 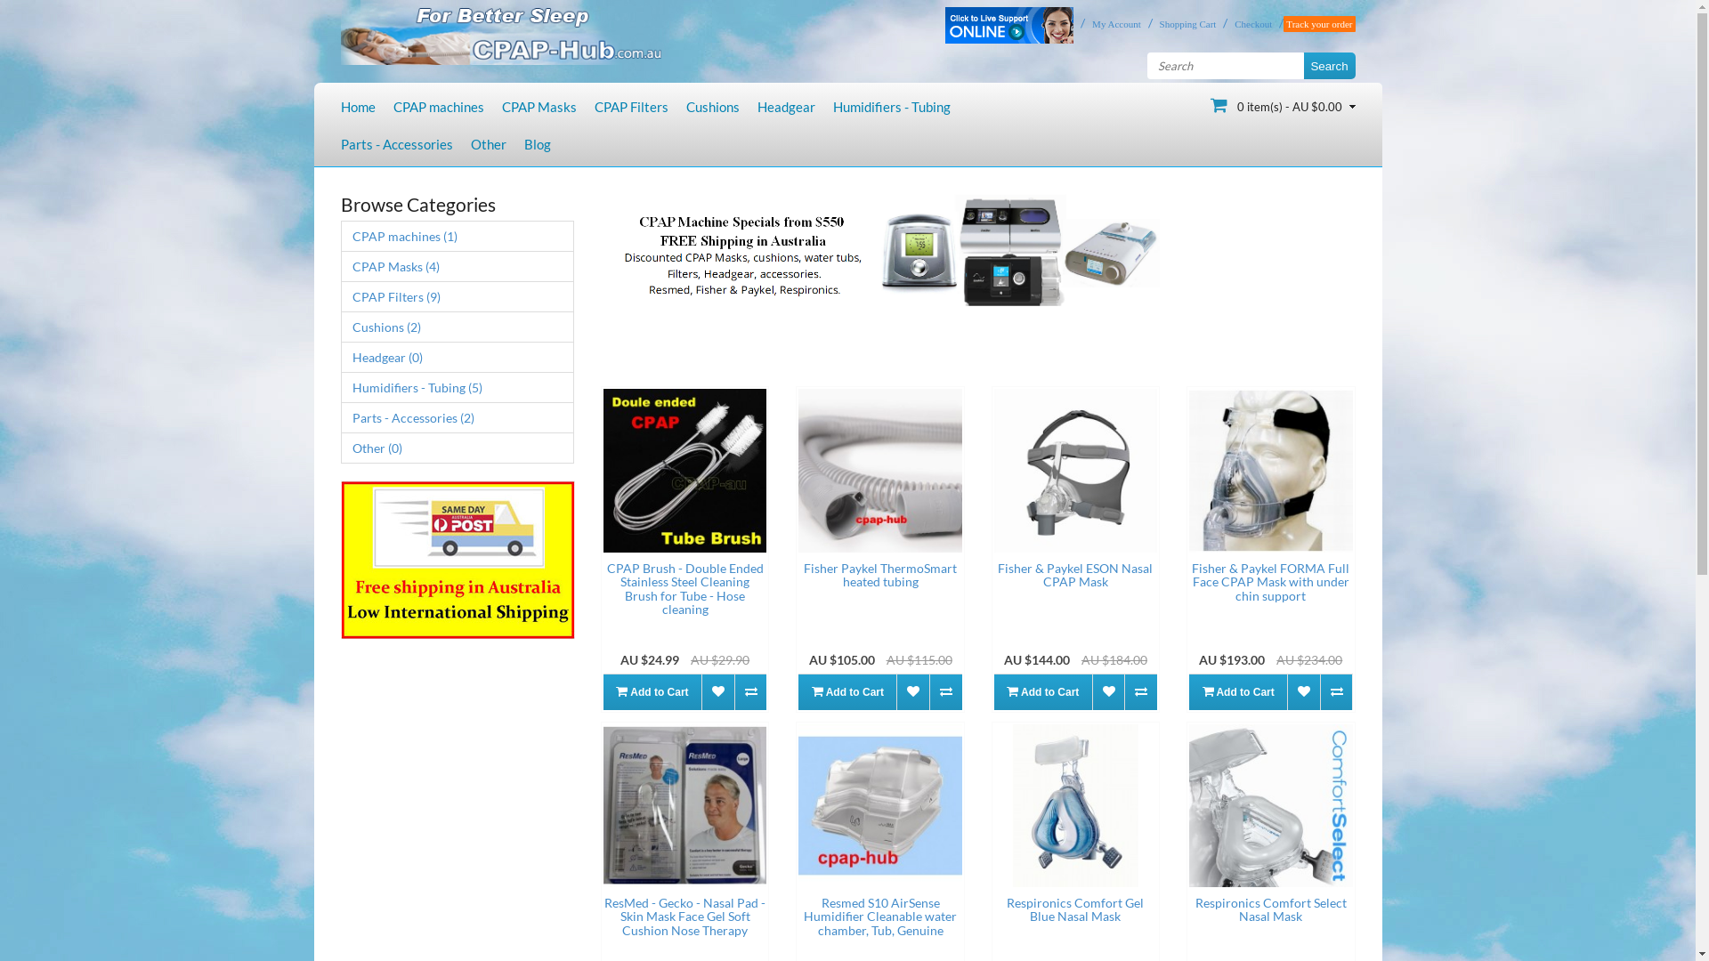 I want to click on 'Fisher & Paykel ESON Nasal CPAP Mask', so click(x=1074, y=469).